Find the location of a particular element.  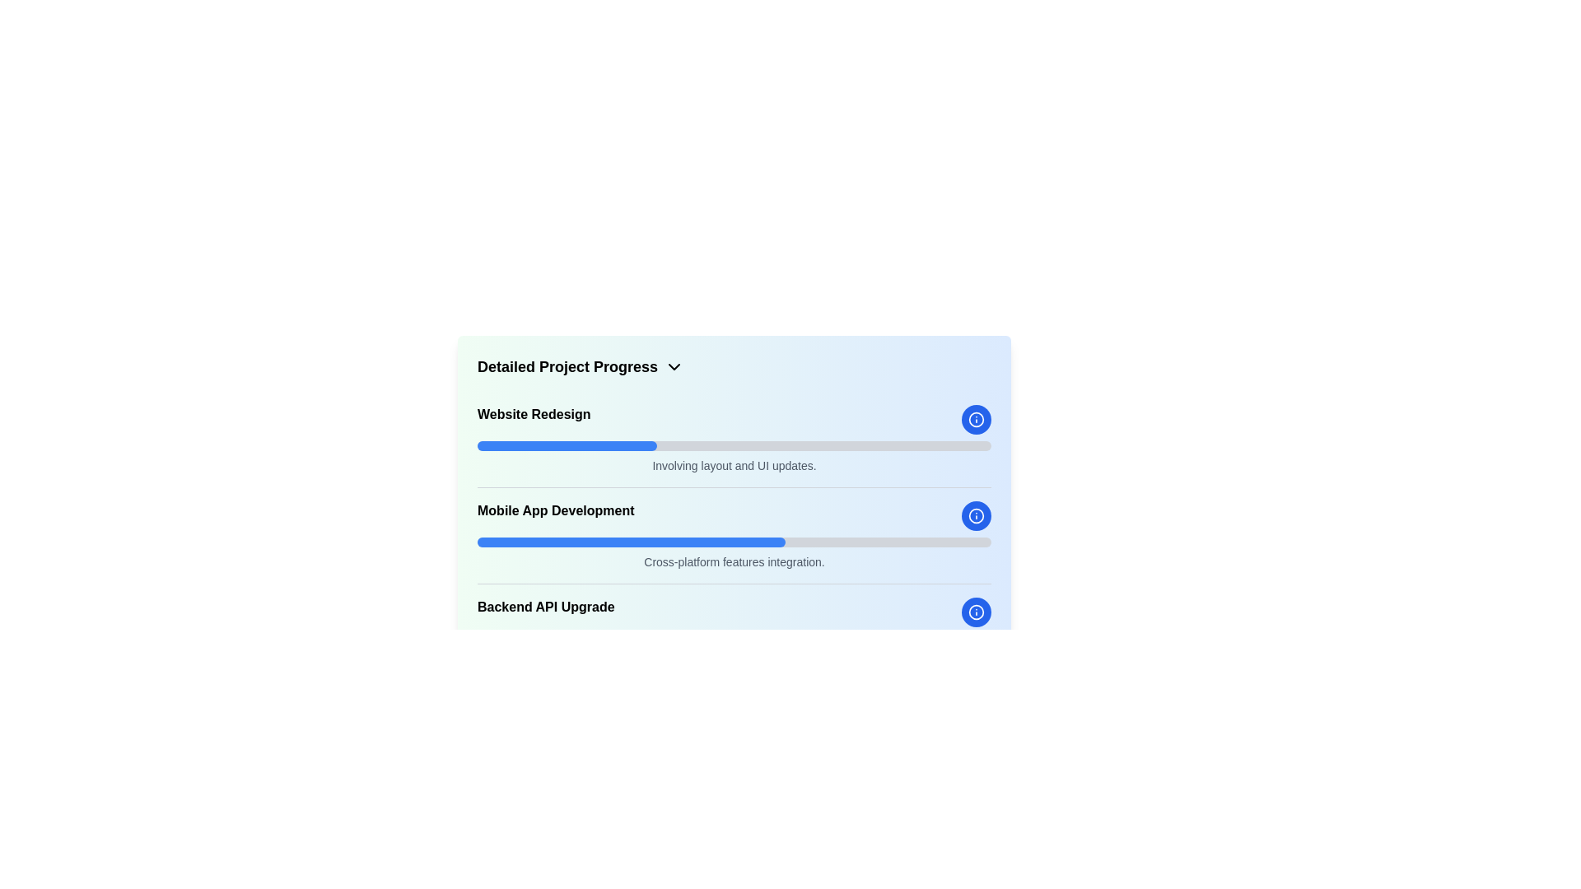

the small chevron-down icon next to the text 'Detailed Project Progress' is located at coordinates (674, 366).